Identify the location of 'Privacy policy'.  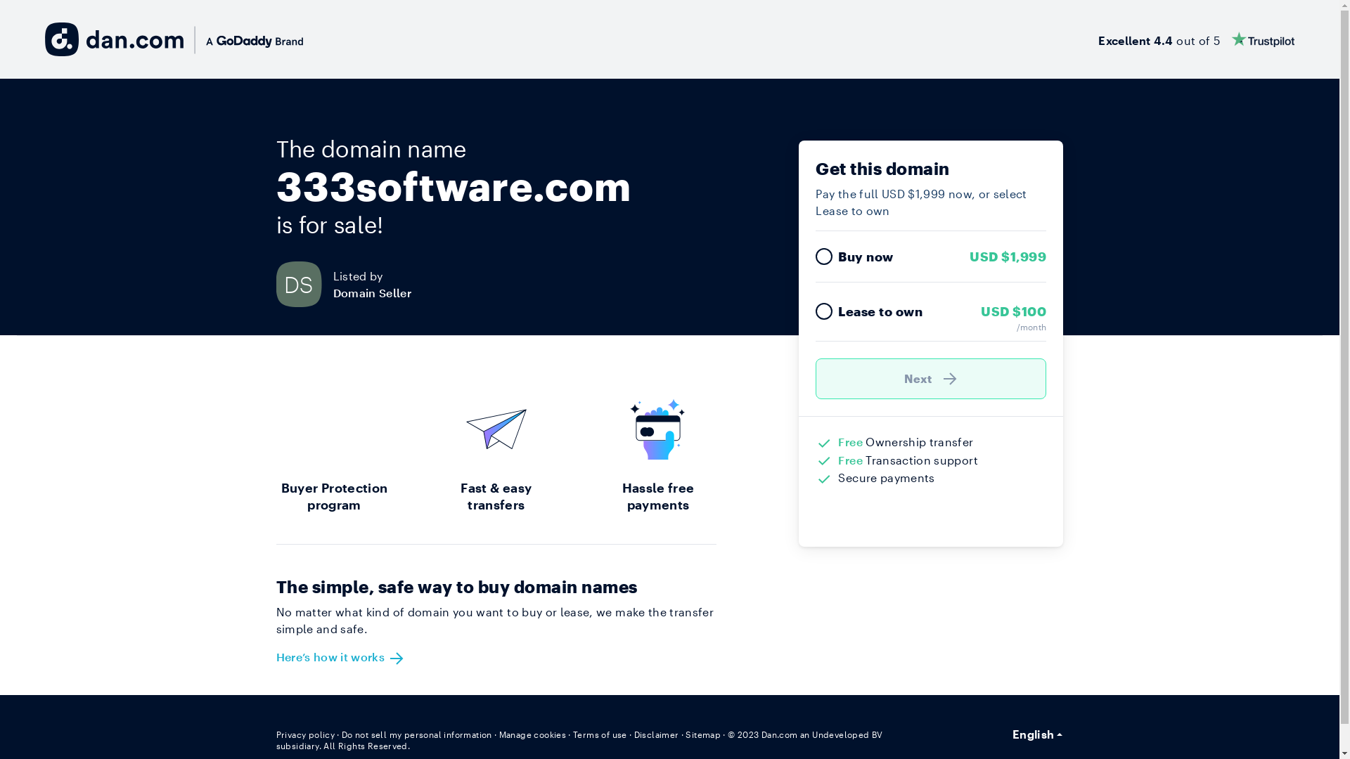
(304, 734).